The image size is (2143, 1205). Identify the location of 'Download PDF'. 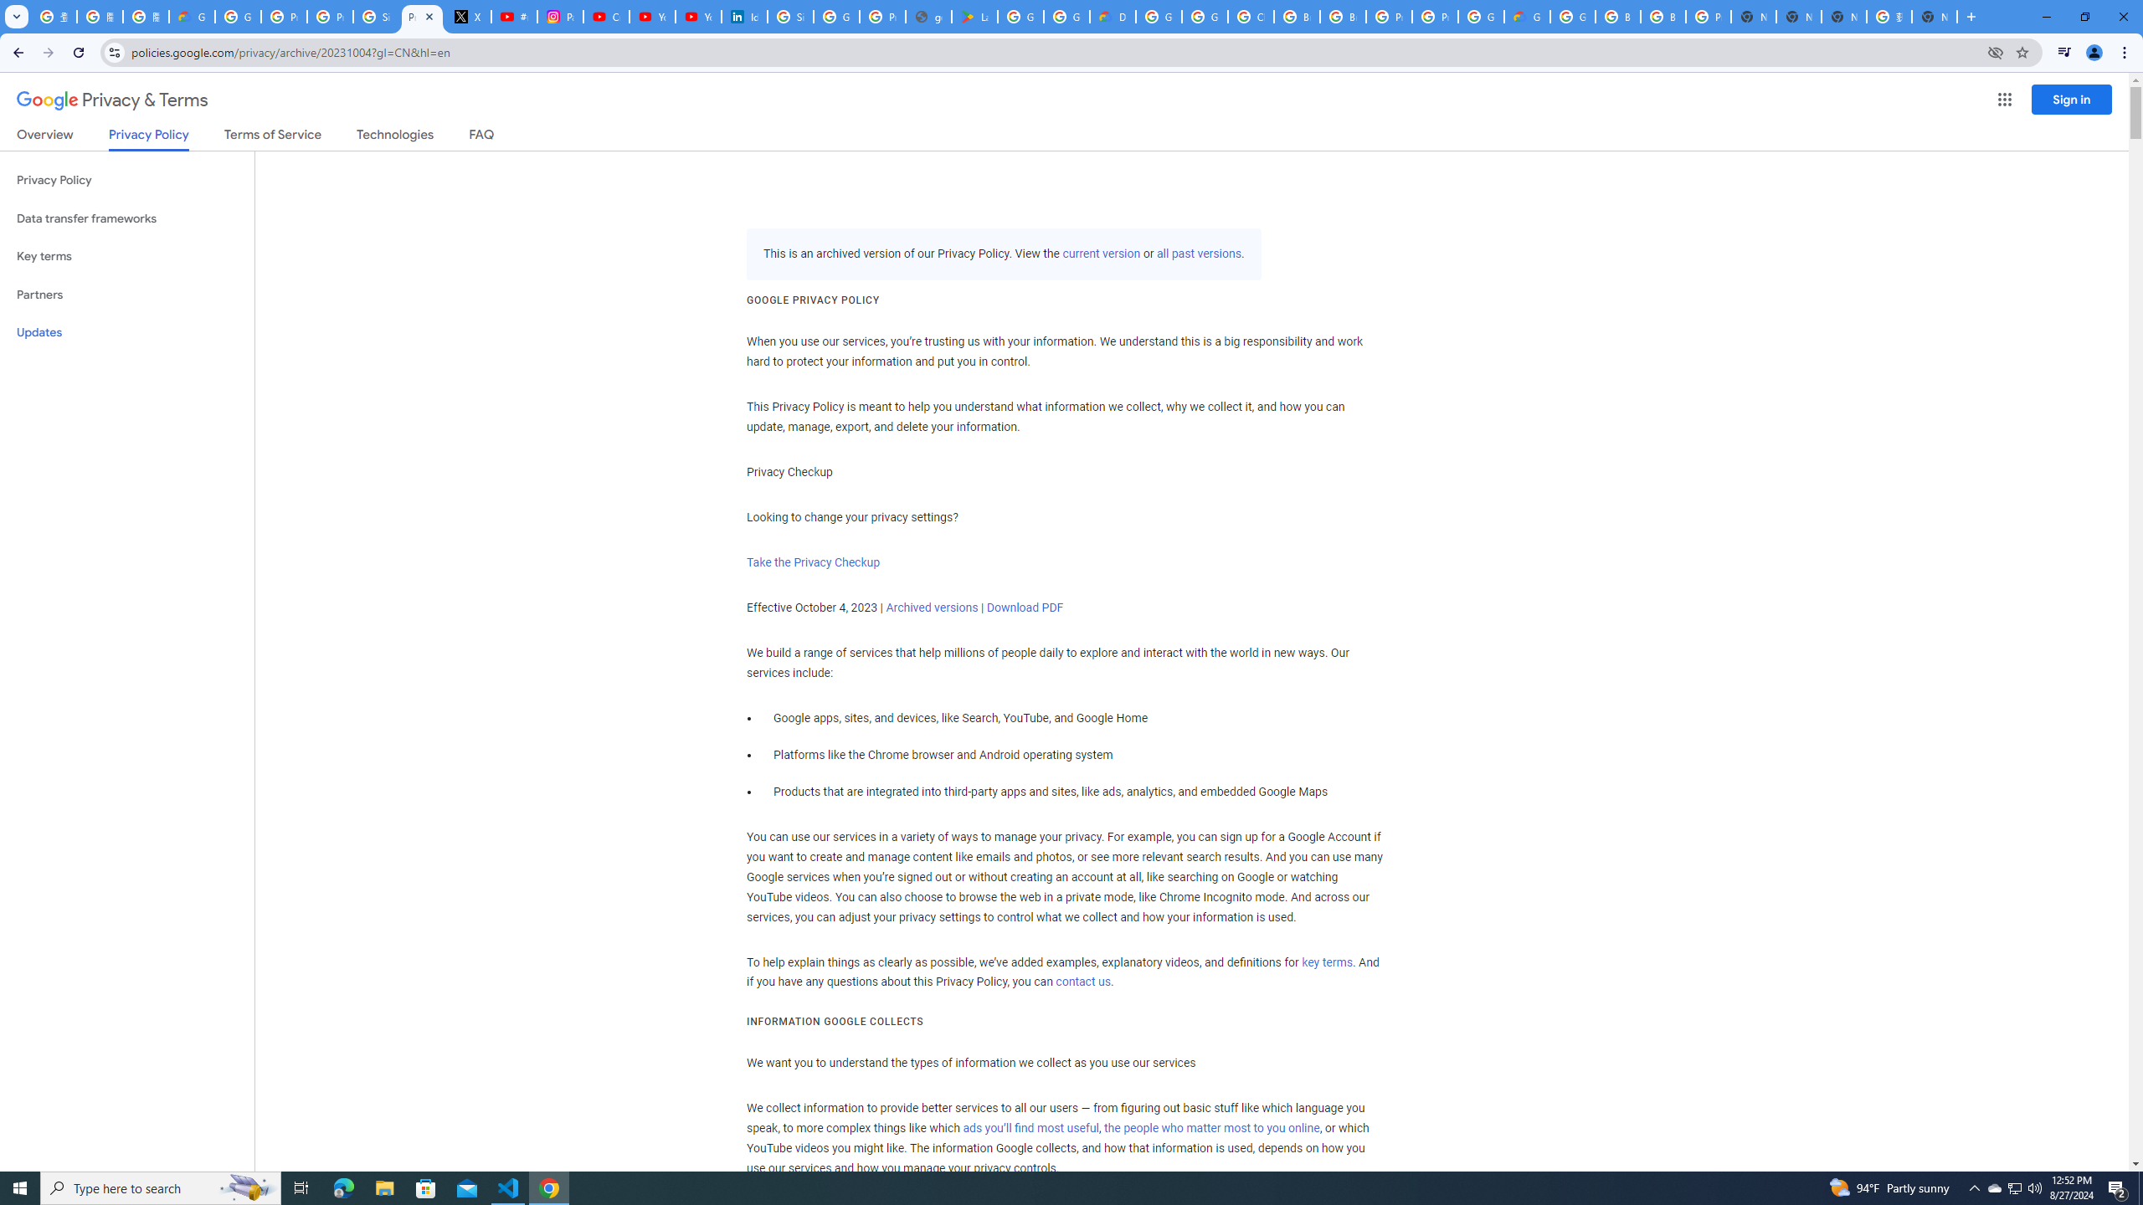
(1023, 606).